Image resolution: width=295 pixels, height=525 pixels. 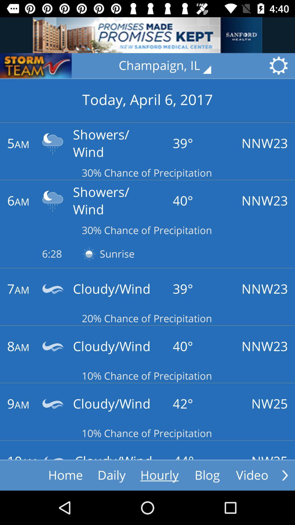 I want to click on logo, so click(x=36, y=66).